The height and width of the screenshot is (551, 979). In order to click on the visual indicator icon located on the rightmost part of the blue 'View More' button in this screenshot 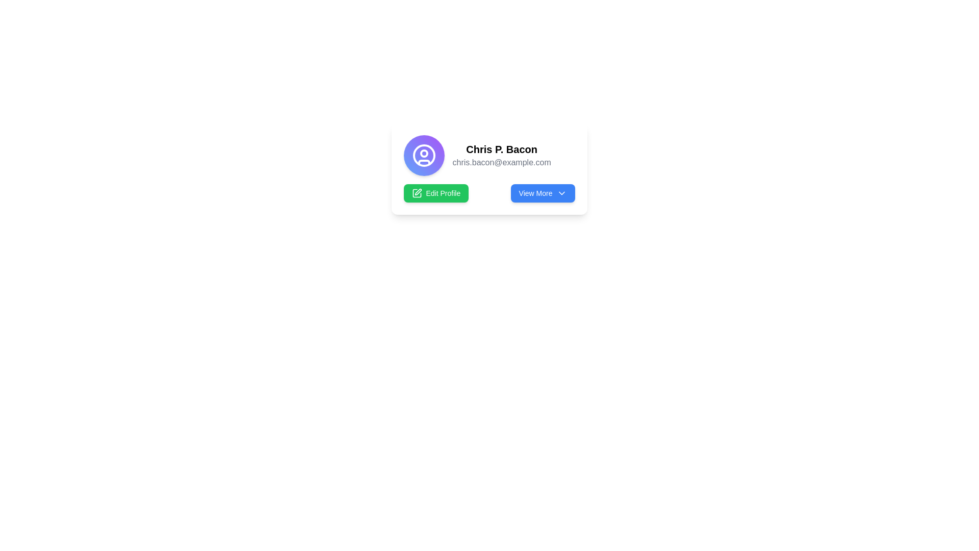, I will do `click(561, 193)`.